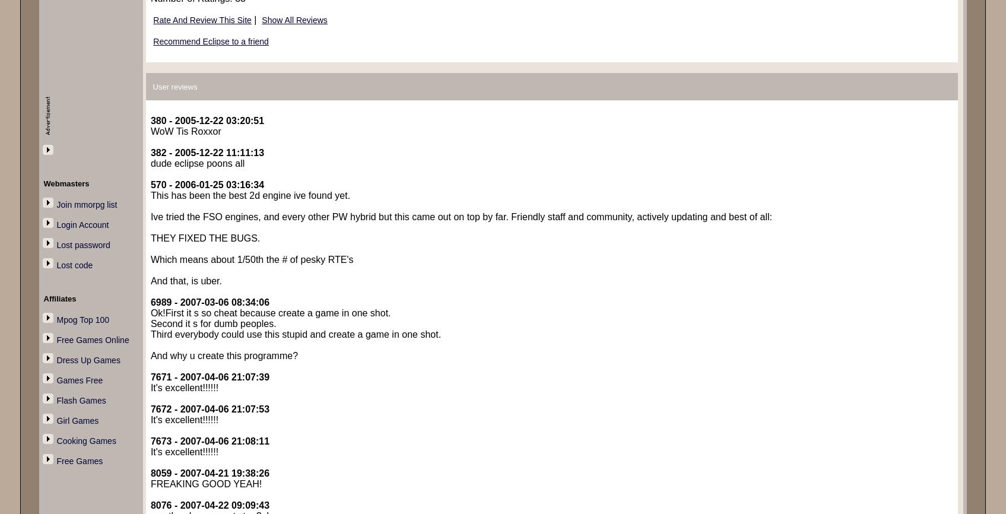 Image resolution: width=1006 pixels, height=514 pixels. What do you see at coordinates (88, 360) in the screenshot?
I see `'Dress Up Games'` at bounding box center [88, 360].